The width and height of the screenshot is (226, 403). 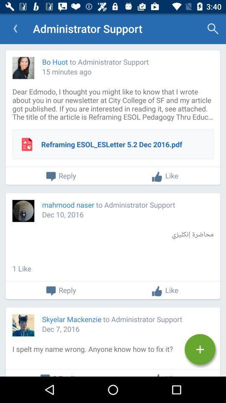 What do you see at coordinates (60, 291) in the screenshot?
I see `reply` at bounding box center [60, 291].